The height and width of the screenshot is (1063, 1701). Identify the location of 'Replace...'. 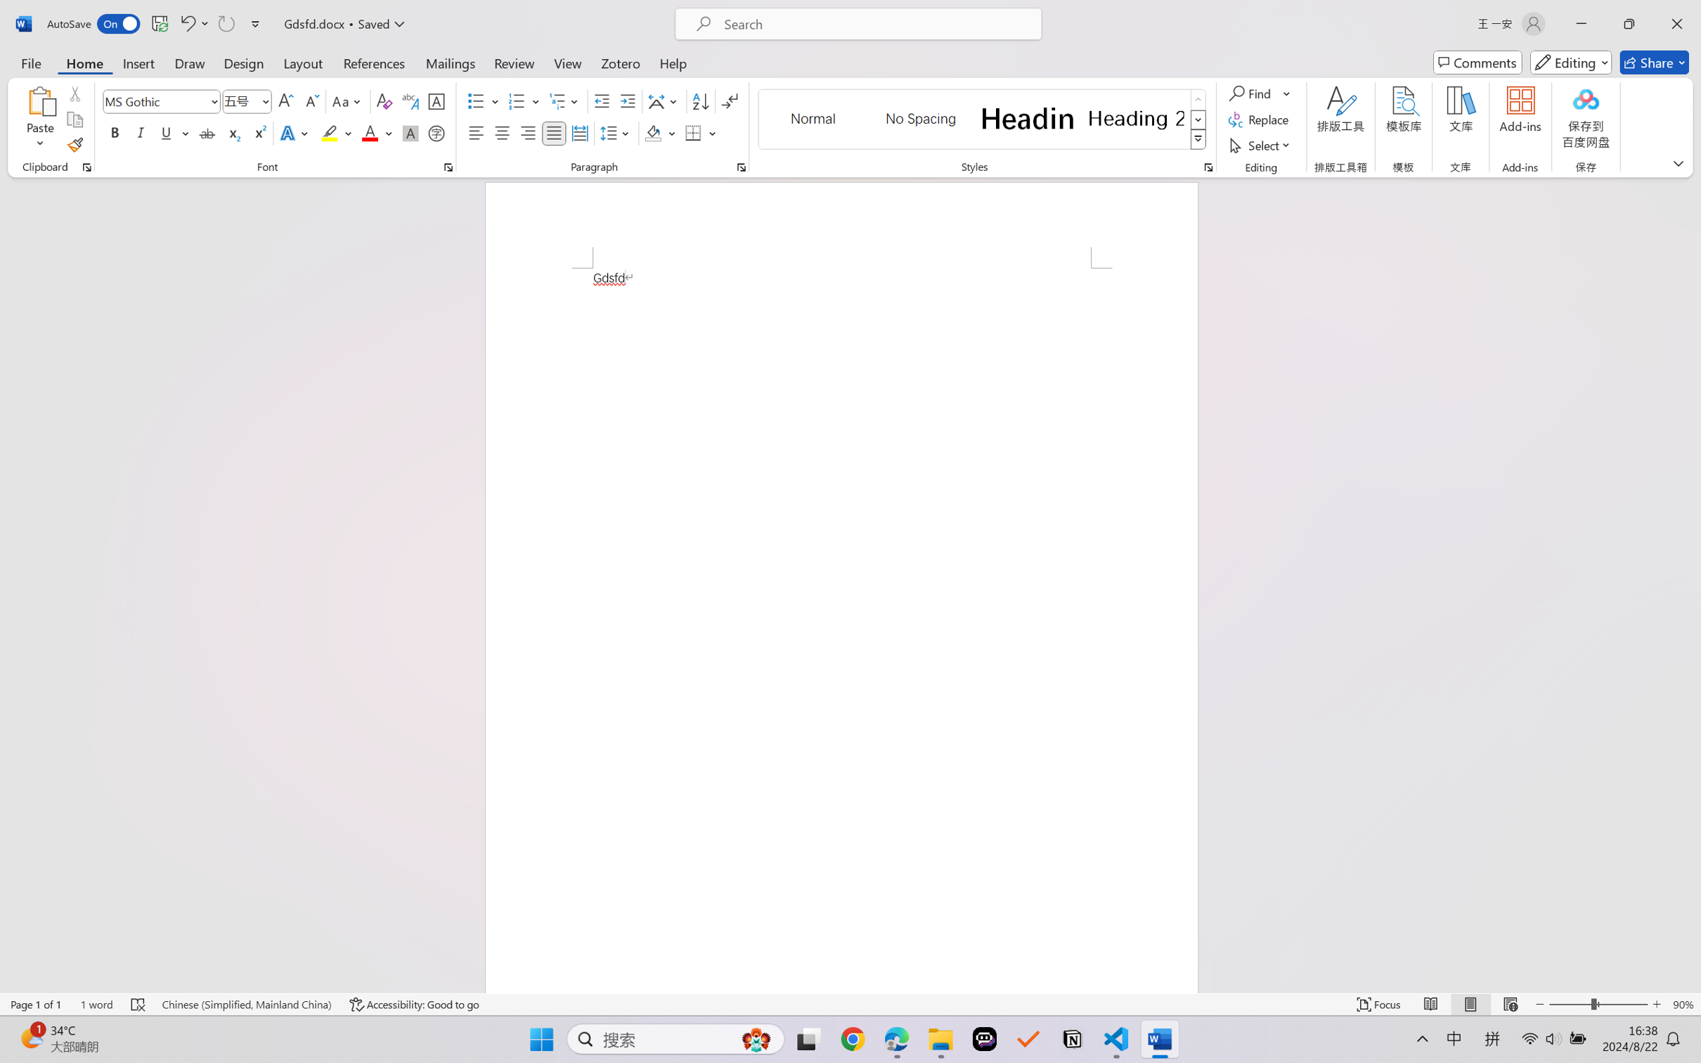
(1259, 120).